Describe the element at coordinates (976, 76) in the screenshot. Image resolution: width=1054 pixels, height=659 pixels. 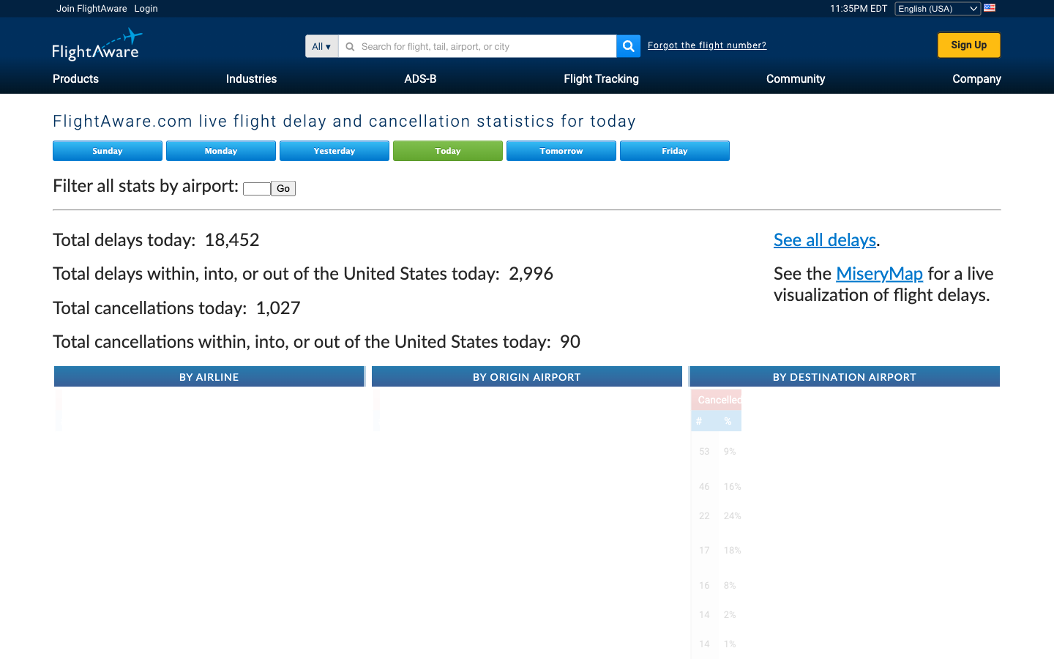
I see `the company profile of FlightAware` at that location.